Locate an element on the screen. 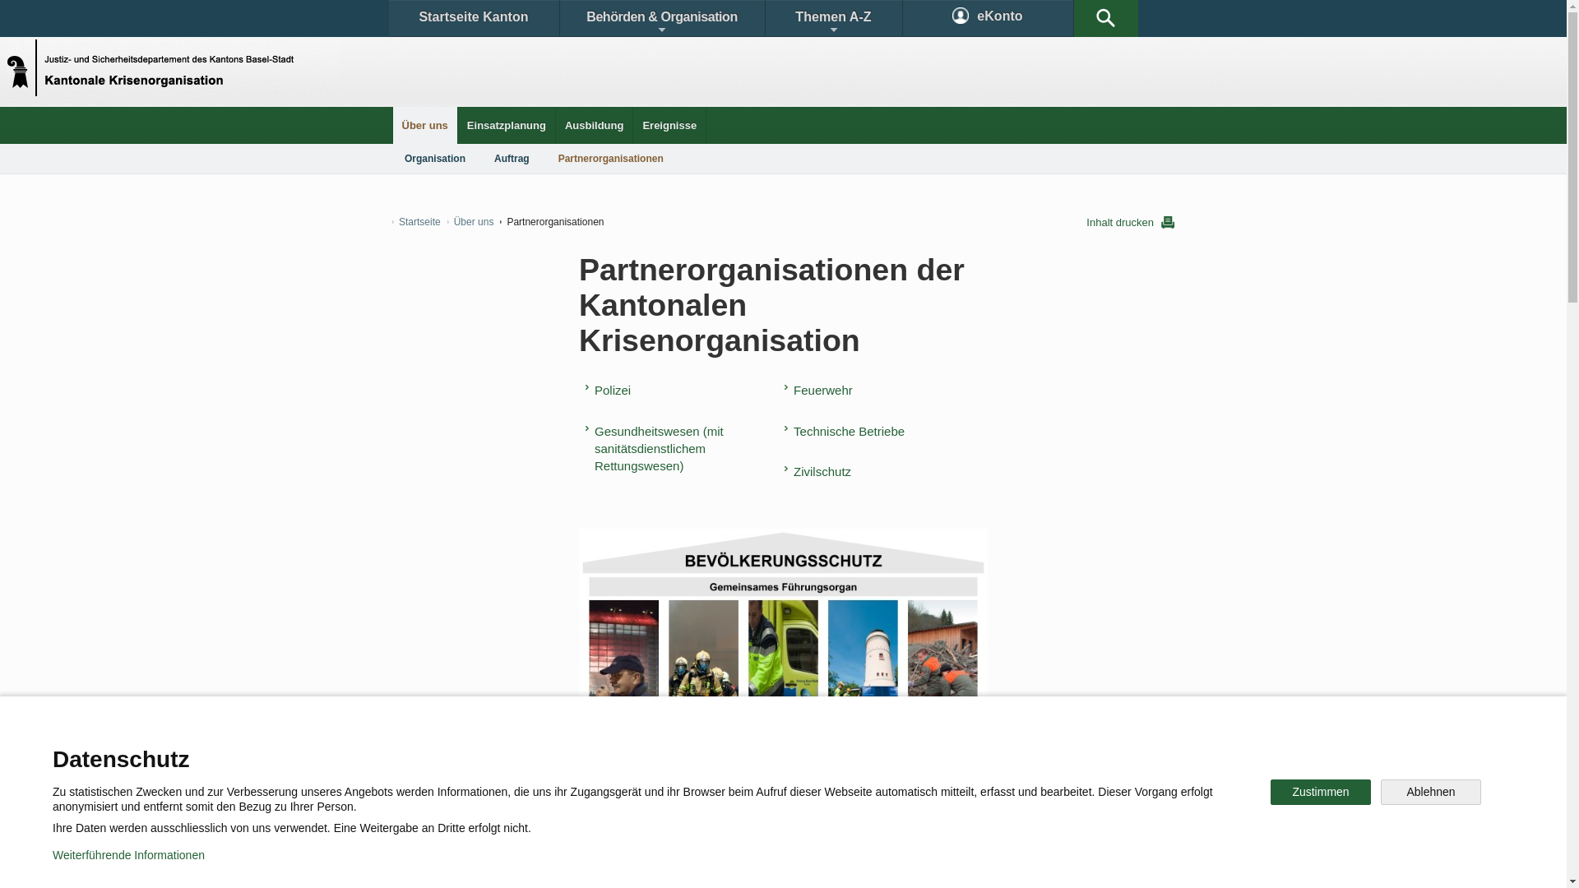 The image size is (1579, 888). 'Technische Betriebe' is located at coordinates (784, 430).